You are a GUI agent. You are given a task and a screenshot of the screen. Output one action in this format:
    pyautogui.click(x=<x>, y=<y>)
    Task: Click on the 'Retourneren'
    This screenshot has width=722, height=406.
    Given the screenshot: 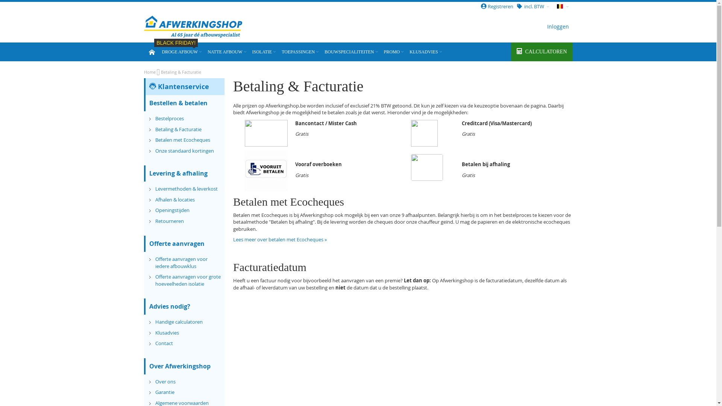 What is the action you would take?
    pyautogui.click(x=155, y=220)
    